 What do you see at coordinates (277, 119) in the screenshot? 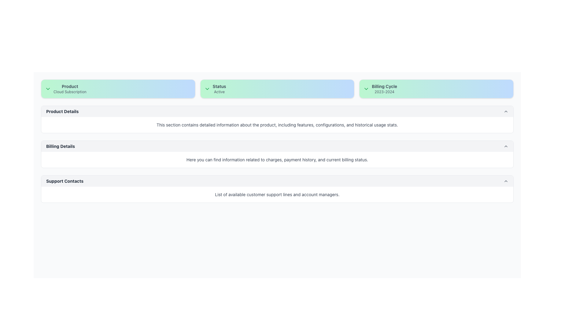
I see `the Informational panel located below 'Status Active' and 'Billing Cycle 2023-2024', which provides detailed information about the product` at bounding box center [277, 119].